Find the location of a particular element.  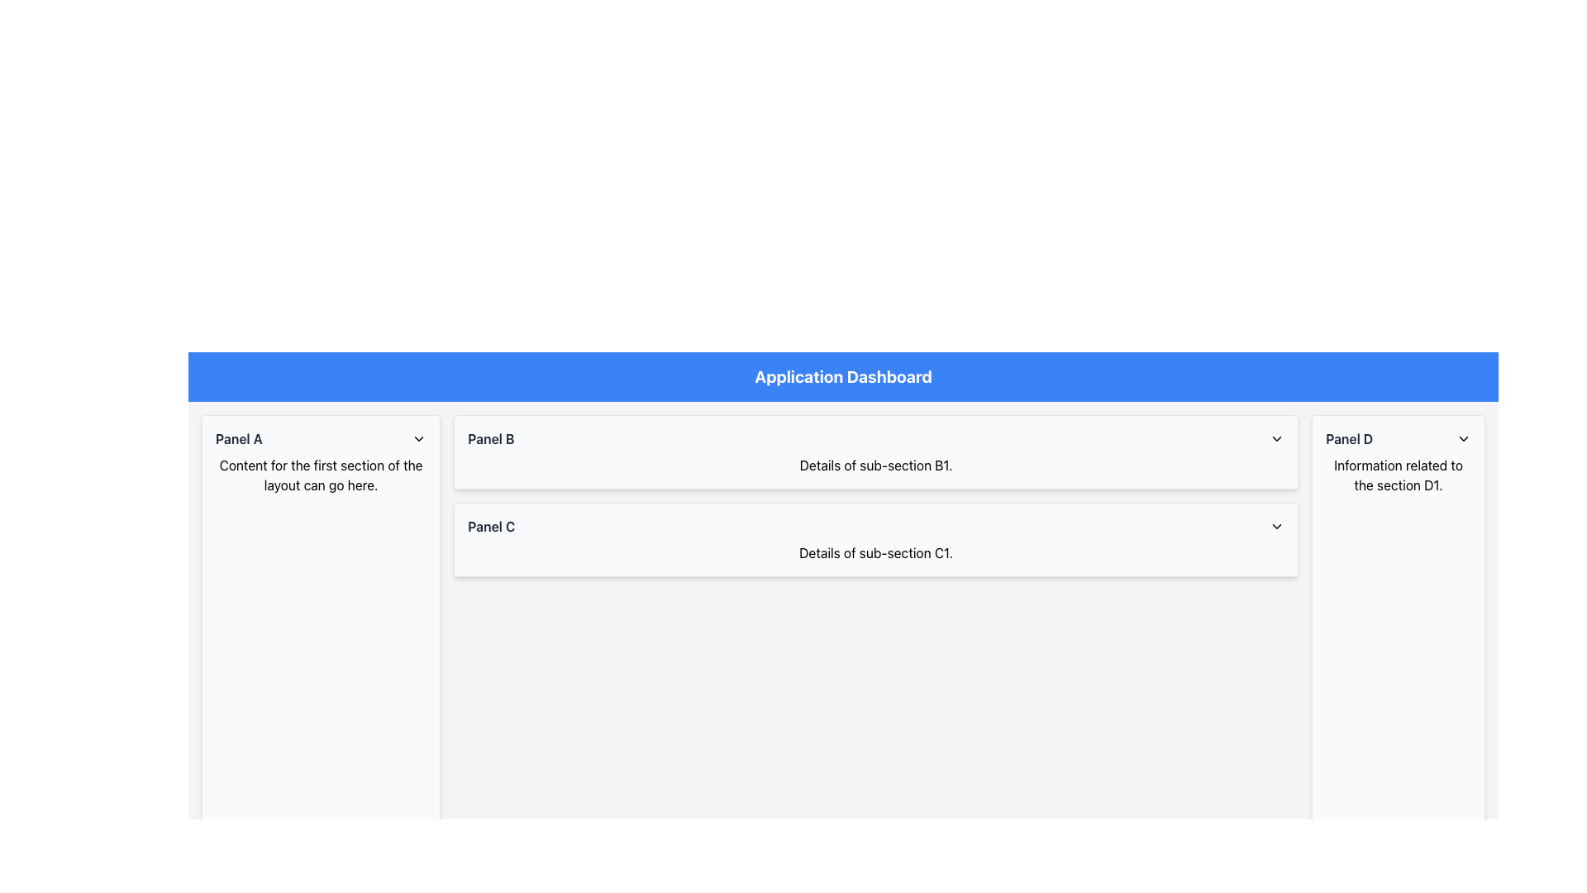

the downward-chevron icon button in the header of the 'Panel B' section is located at coordinates (1276, 438).